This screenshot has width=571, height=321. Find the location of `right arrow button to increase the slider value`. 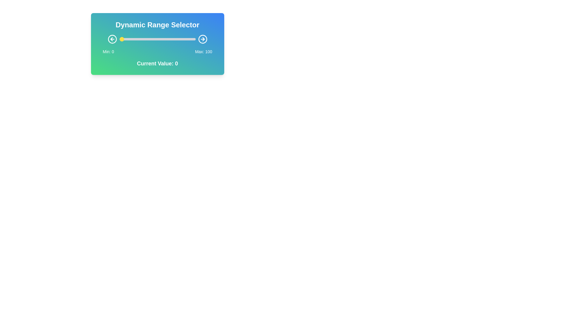

right arrow button to increase the slider value is located at coordinates (203, 39).